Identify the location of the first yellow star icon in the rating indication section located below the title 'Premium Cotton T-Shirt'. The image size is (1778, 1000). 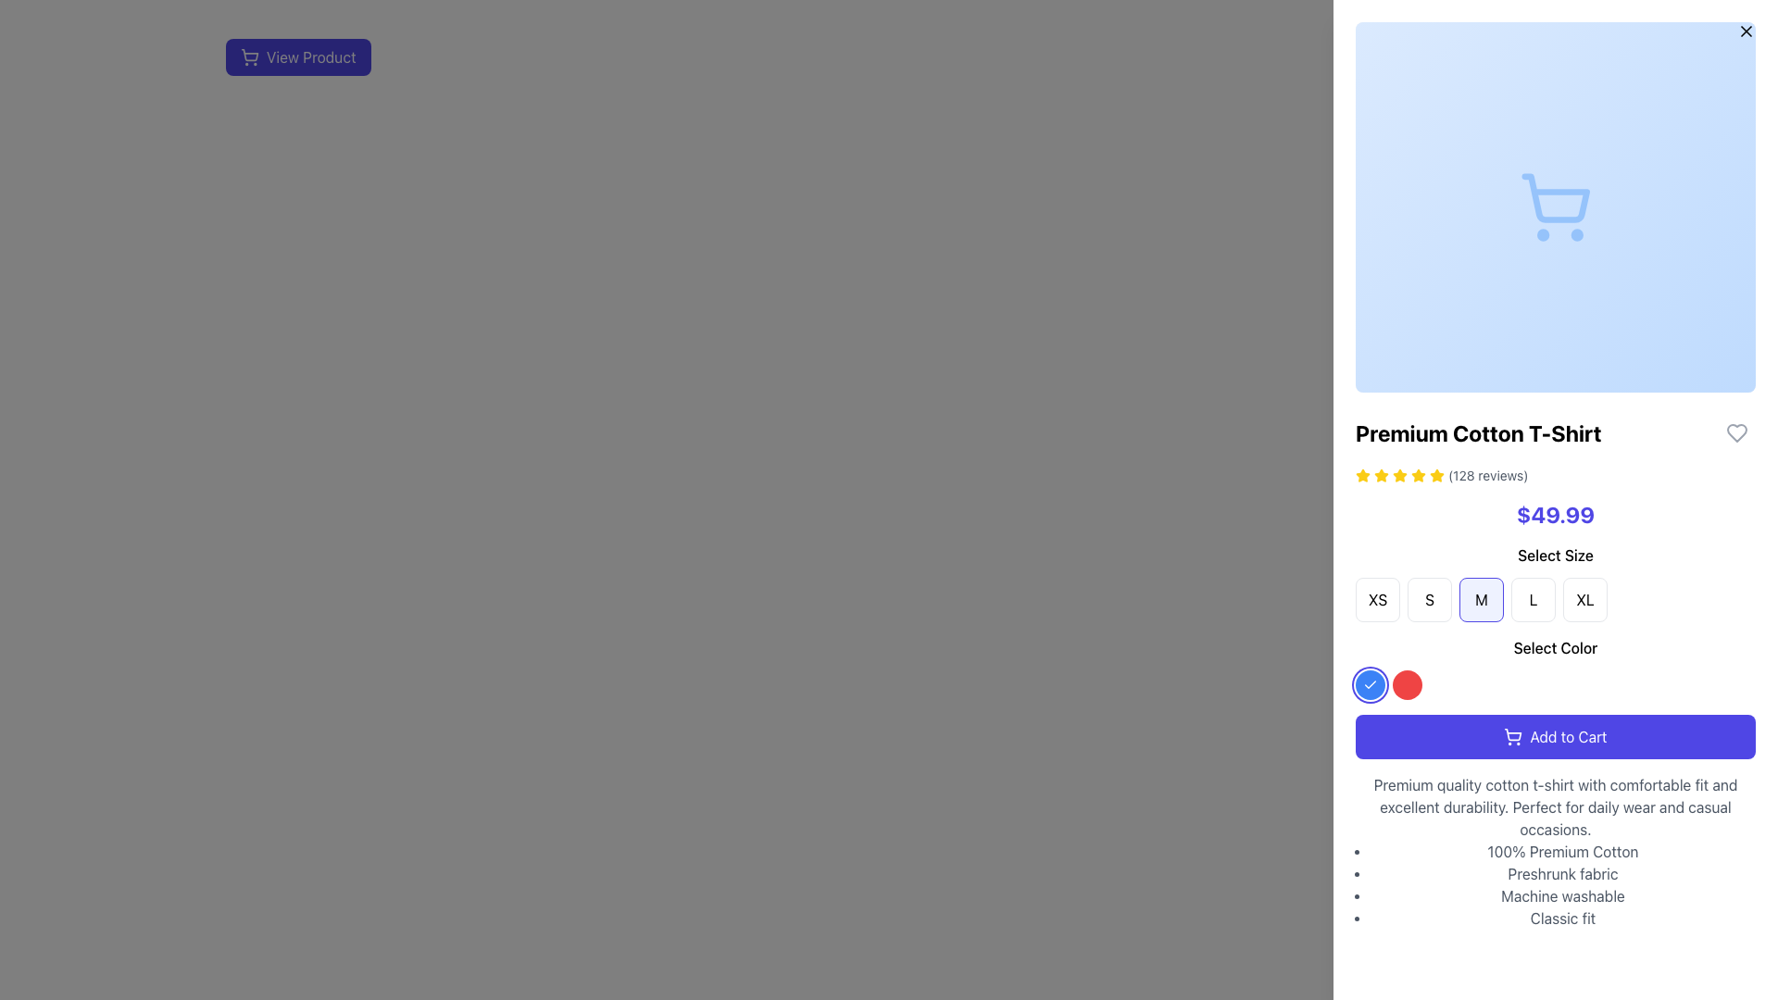
(1363, 474).